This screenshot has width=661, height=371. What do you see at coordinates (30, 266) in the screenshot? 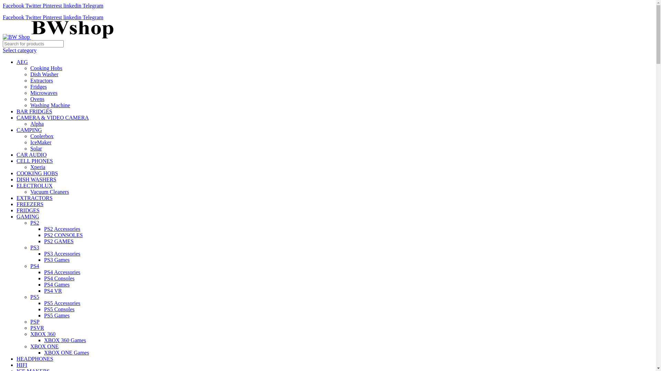
I see `'PS4'` at bounding box center [30, 266].